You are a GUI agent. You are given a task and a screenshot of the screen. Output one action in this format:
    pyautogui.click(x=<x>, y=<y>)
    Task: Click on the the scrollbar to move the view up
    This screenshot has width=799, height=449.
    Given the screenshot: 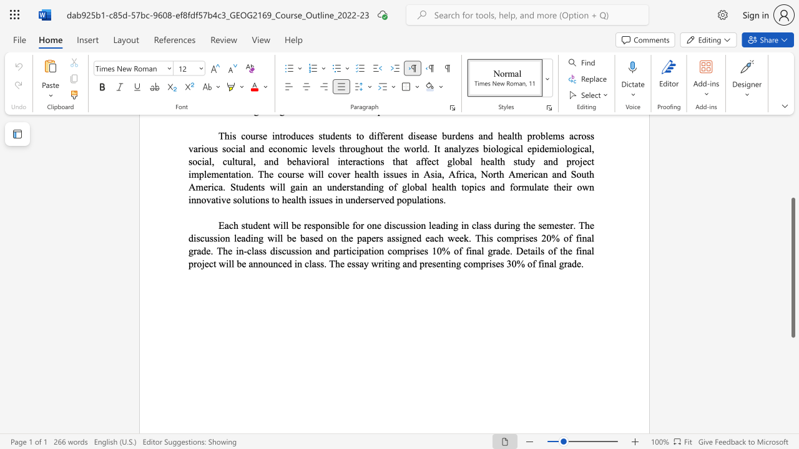 What is the action you would take?
    pyautogui.click(x=792, y=161)
    